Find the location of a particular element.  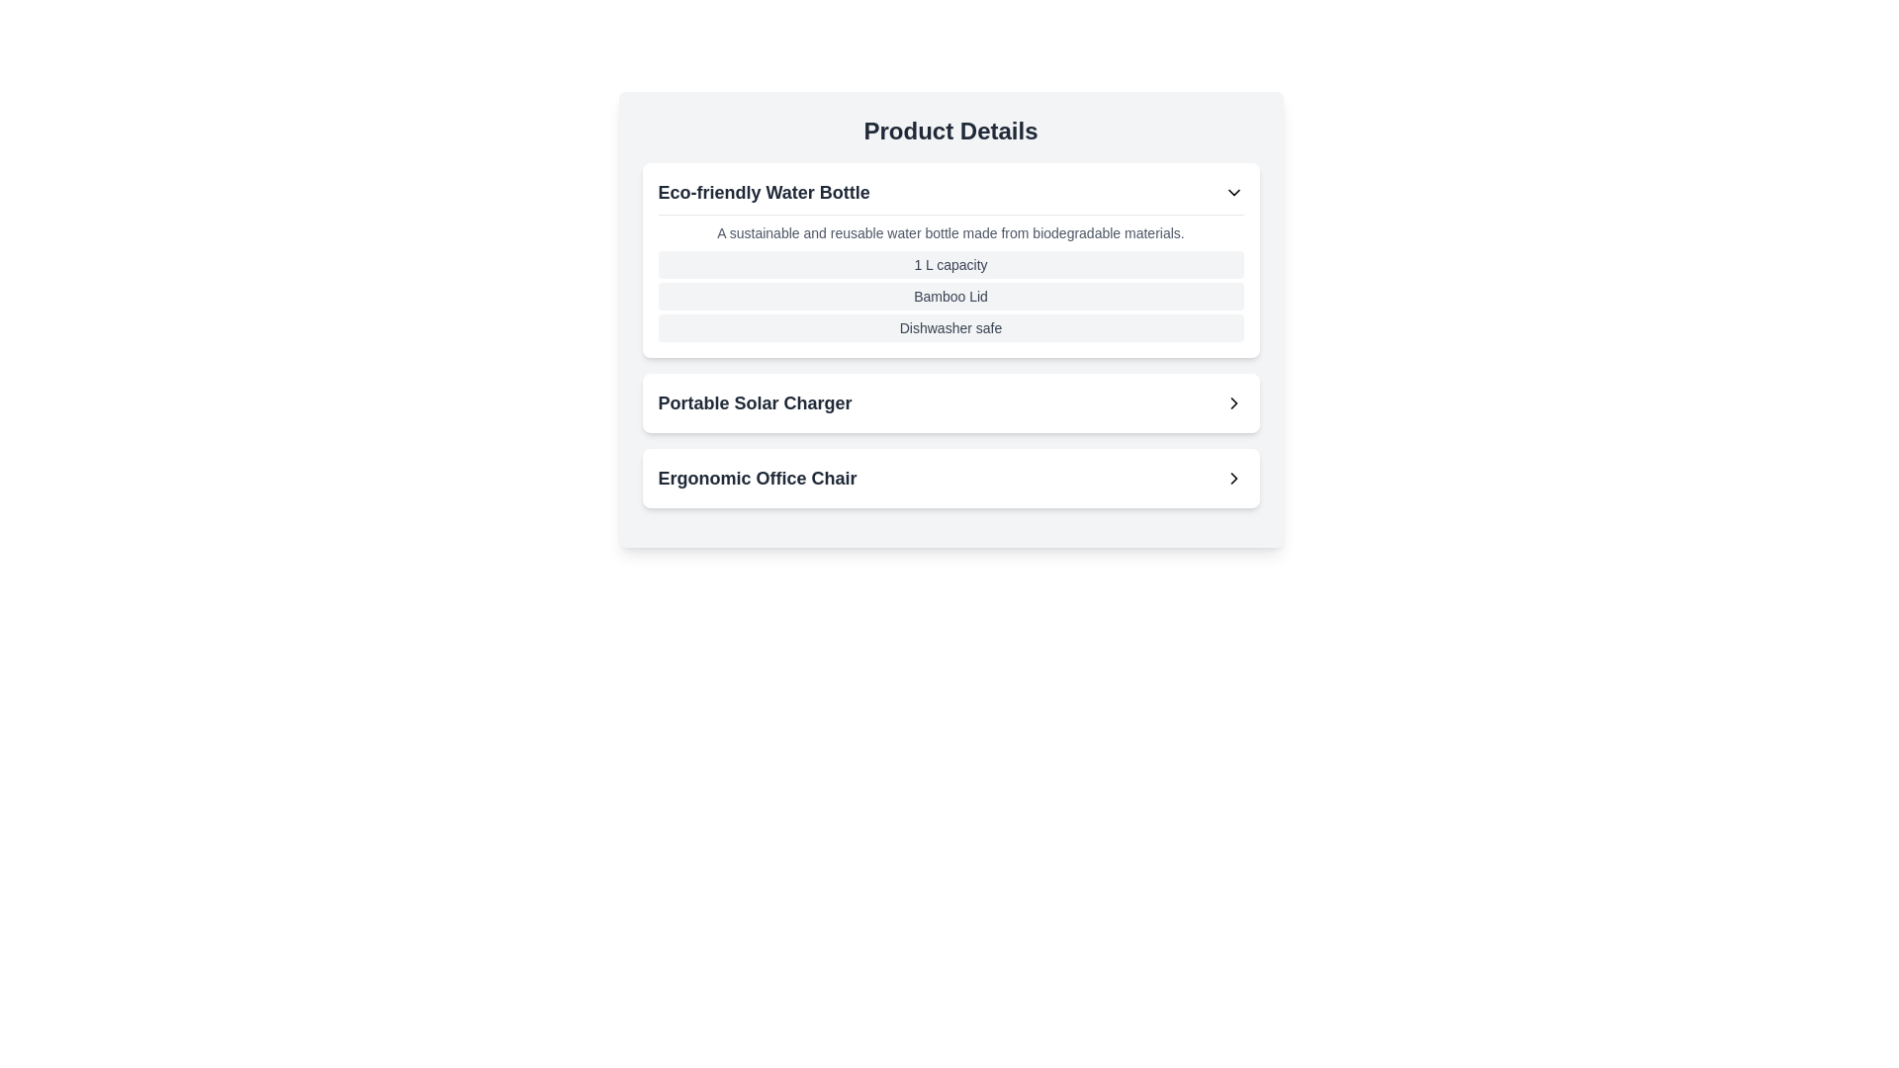

the second button-like list item in the 'Product Details' card for keyboard navigation is located at coordinates (950, 402).